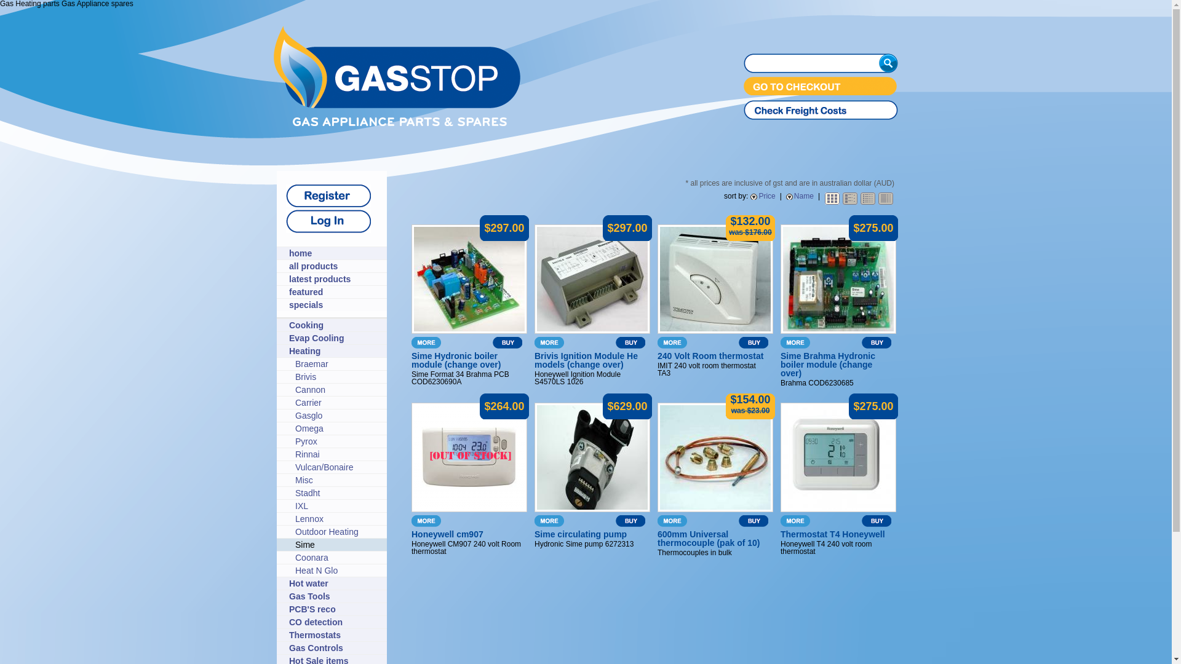 This screenshot has height=664, width=1181. I want to click on 'Rinnai', so click(338, 454).